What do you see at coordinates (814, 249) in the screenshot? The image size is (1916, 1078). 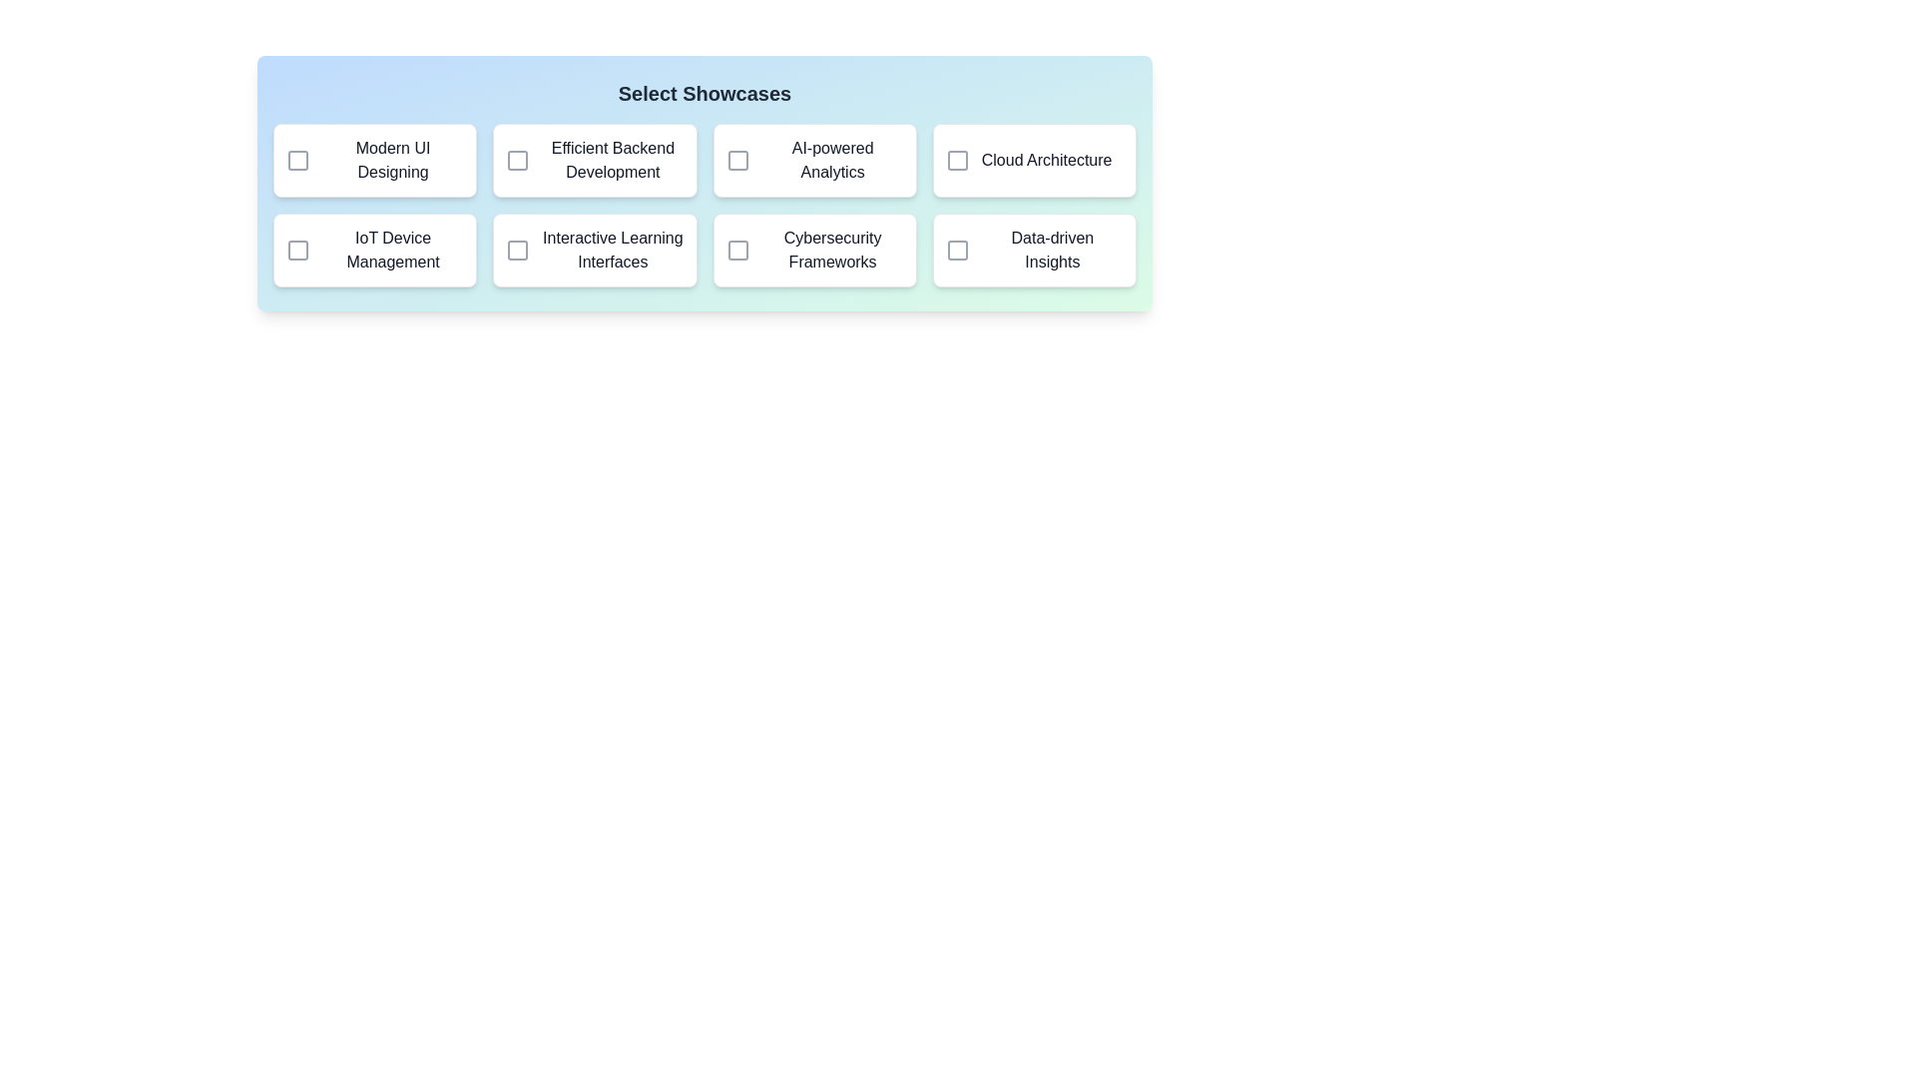 I see `the showcase item labeled 'Cybersecurity Frameworks' to observe the hover effect` at bounding box center [814, 249].